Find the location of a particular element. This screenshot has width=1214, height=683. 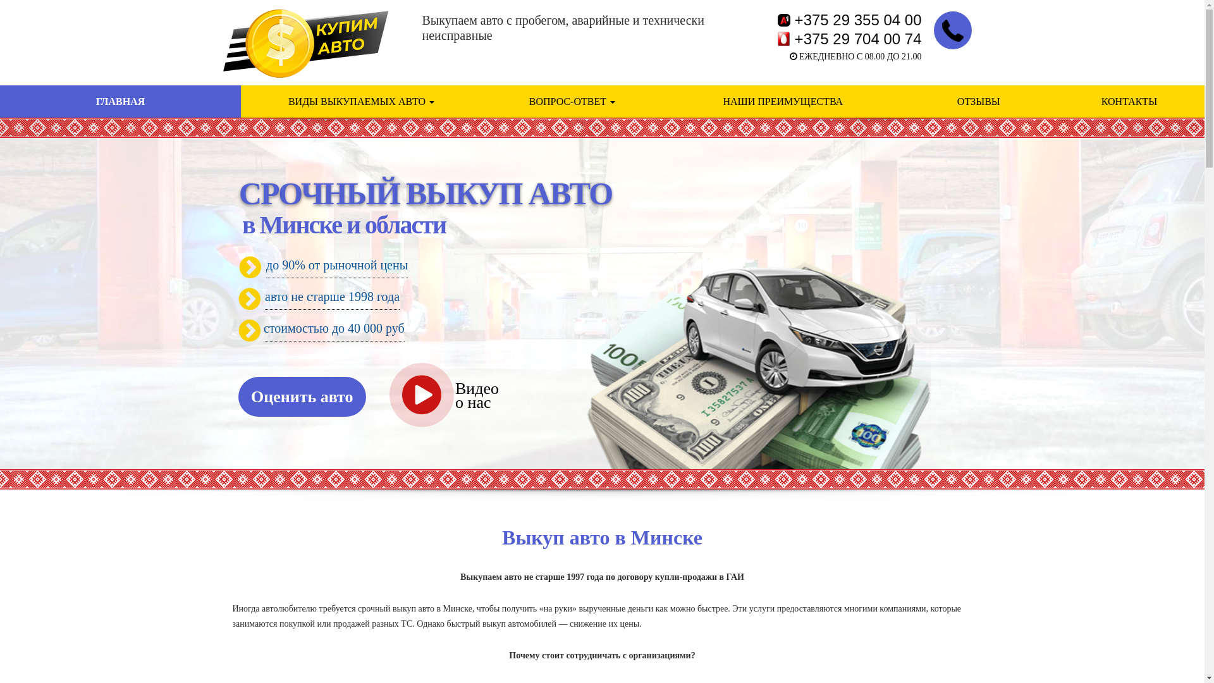

'+375 29 355 04 00' is located at coordinates (850, 20).